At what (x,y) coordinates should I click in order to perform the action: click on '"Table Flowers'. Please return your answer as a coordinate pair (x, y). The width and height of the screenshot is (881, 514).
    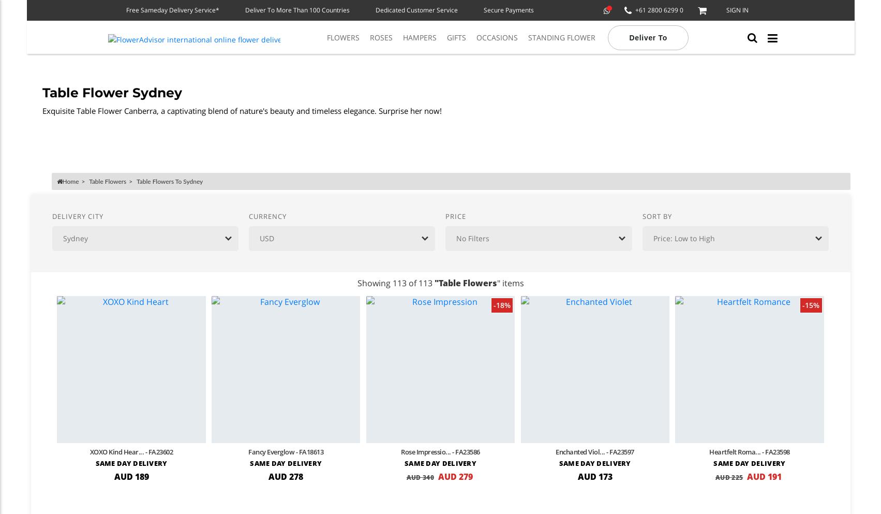
    Looking at the image, I should click on (465, 283).